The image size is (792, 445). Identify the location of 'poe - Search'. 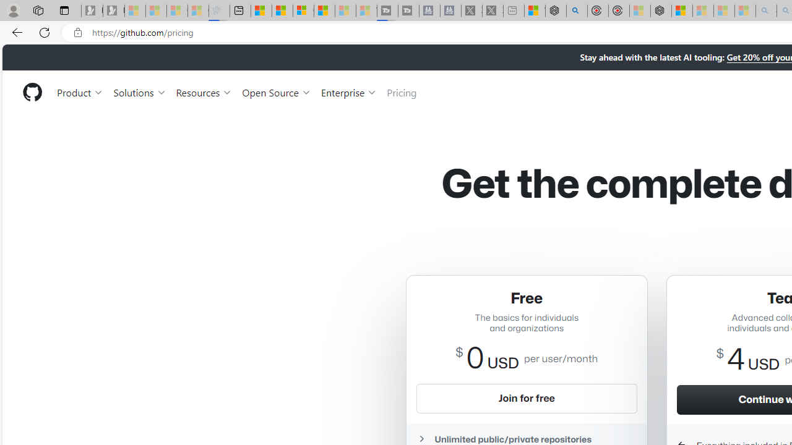
(576, 11).